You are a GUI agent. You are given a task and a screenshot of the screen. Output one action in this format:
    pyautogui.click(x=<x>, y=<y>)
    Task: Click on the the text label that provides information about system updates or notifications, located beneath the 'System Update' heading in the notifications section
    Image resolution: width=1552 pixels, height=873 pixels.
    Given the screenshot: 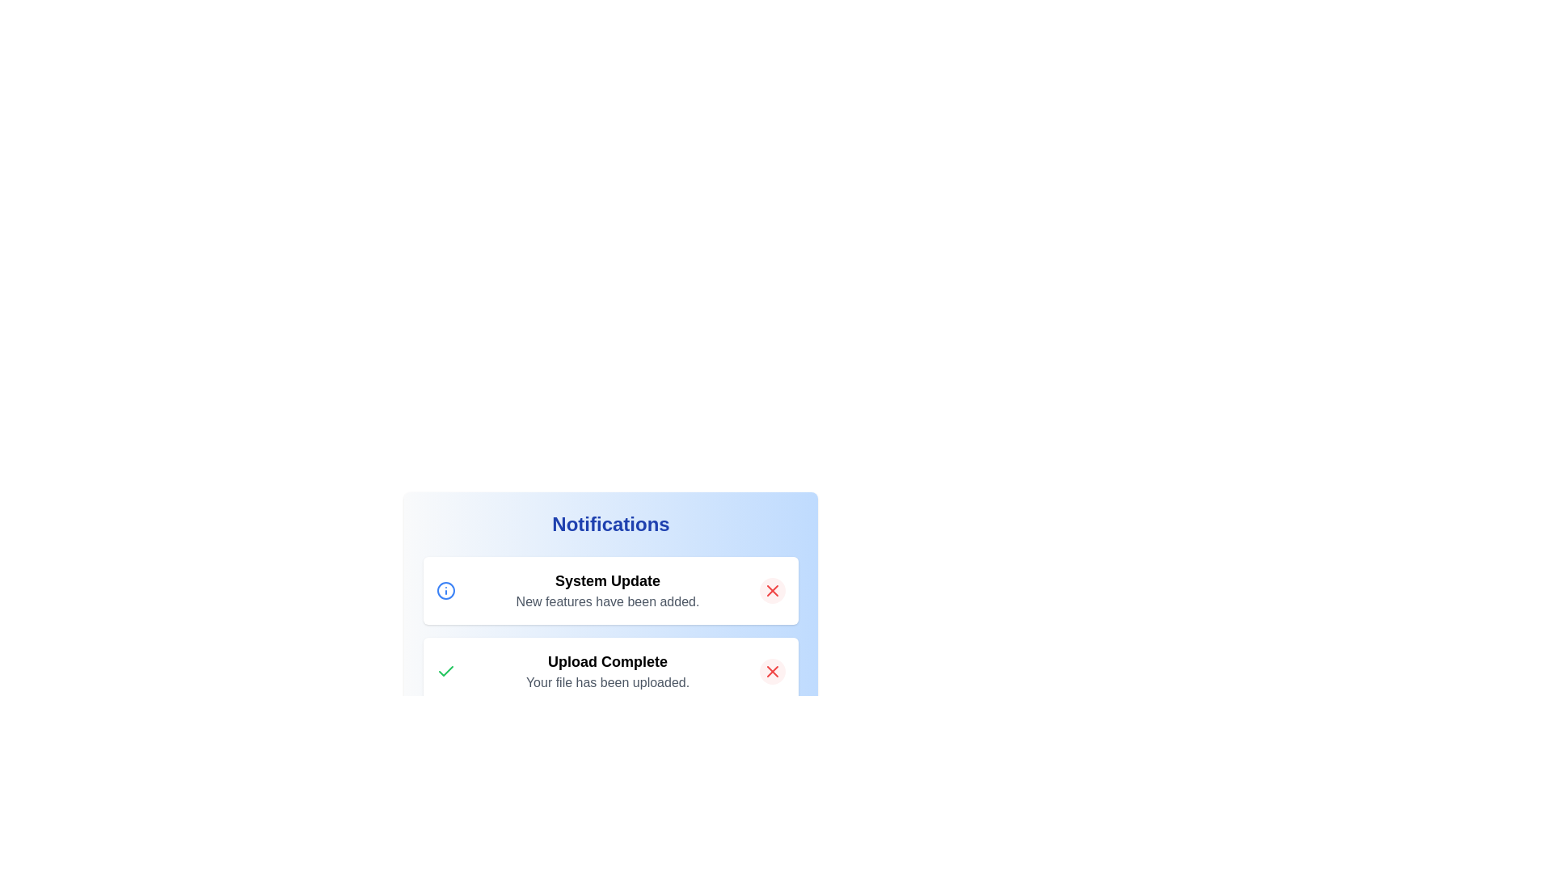 What is the action you would take?
    pyautogui.click(x=607, y=601)
    